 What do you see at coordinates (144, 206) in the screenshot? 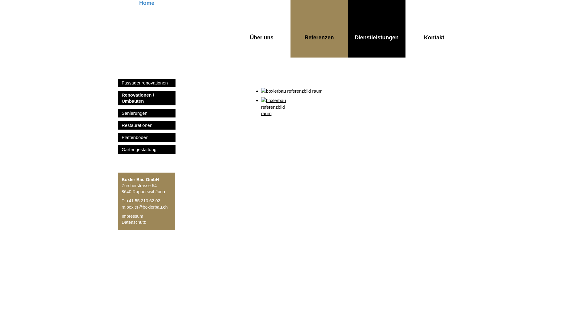
I see `'m.boxler@boxlerbau.ch'` at bounding box center [144, 206].